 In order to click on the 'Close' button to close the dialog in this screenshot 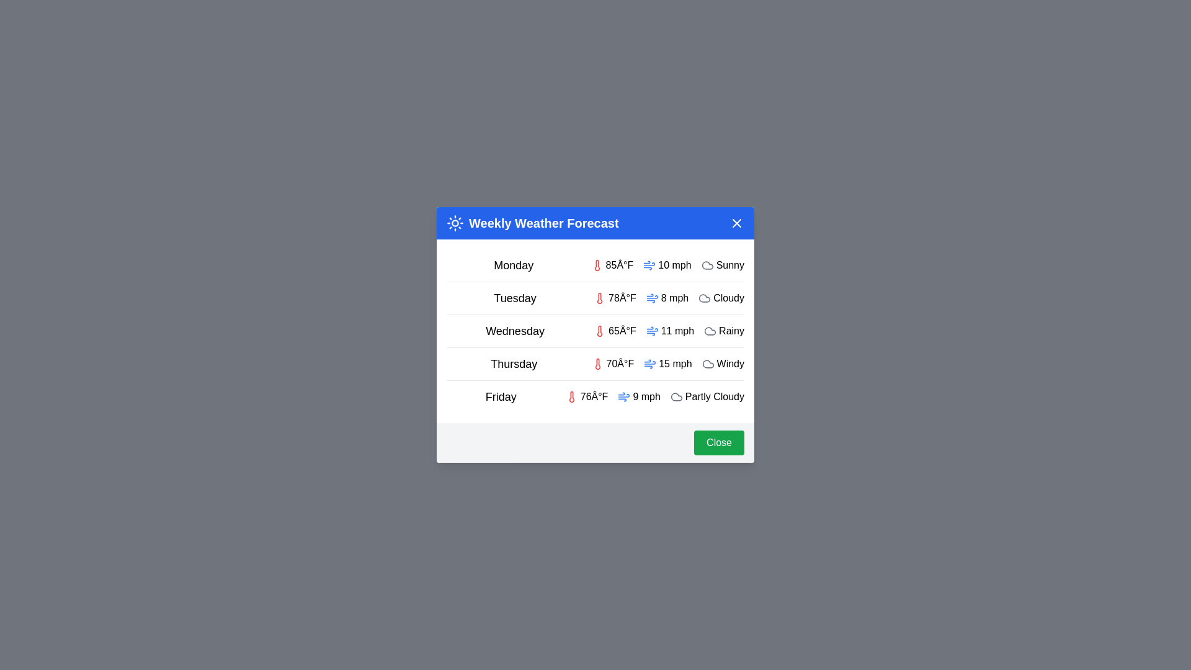, I will do `click(718, 442)`.